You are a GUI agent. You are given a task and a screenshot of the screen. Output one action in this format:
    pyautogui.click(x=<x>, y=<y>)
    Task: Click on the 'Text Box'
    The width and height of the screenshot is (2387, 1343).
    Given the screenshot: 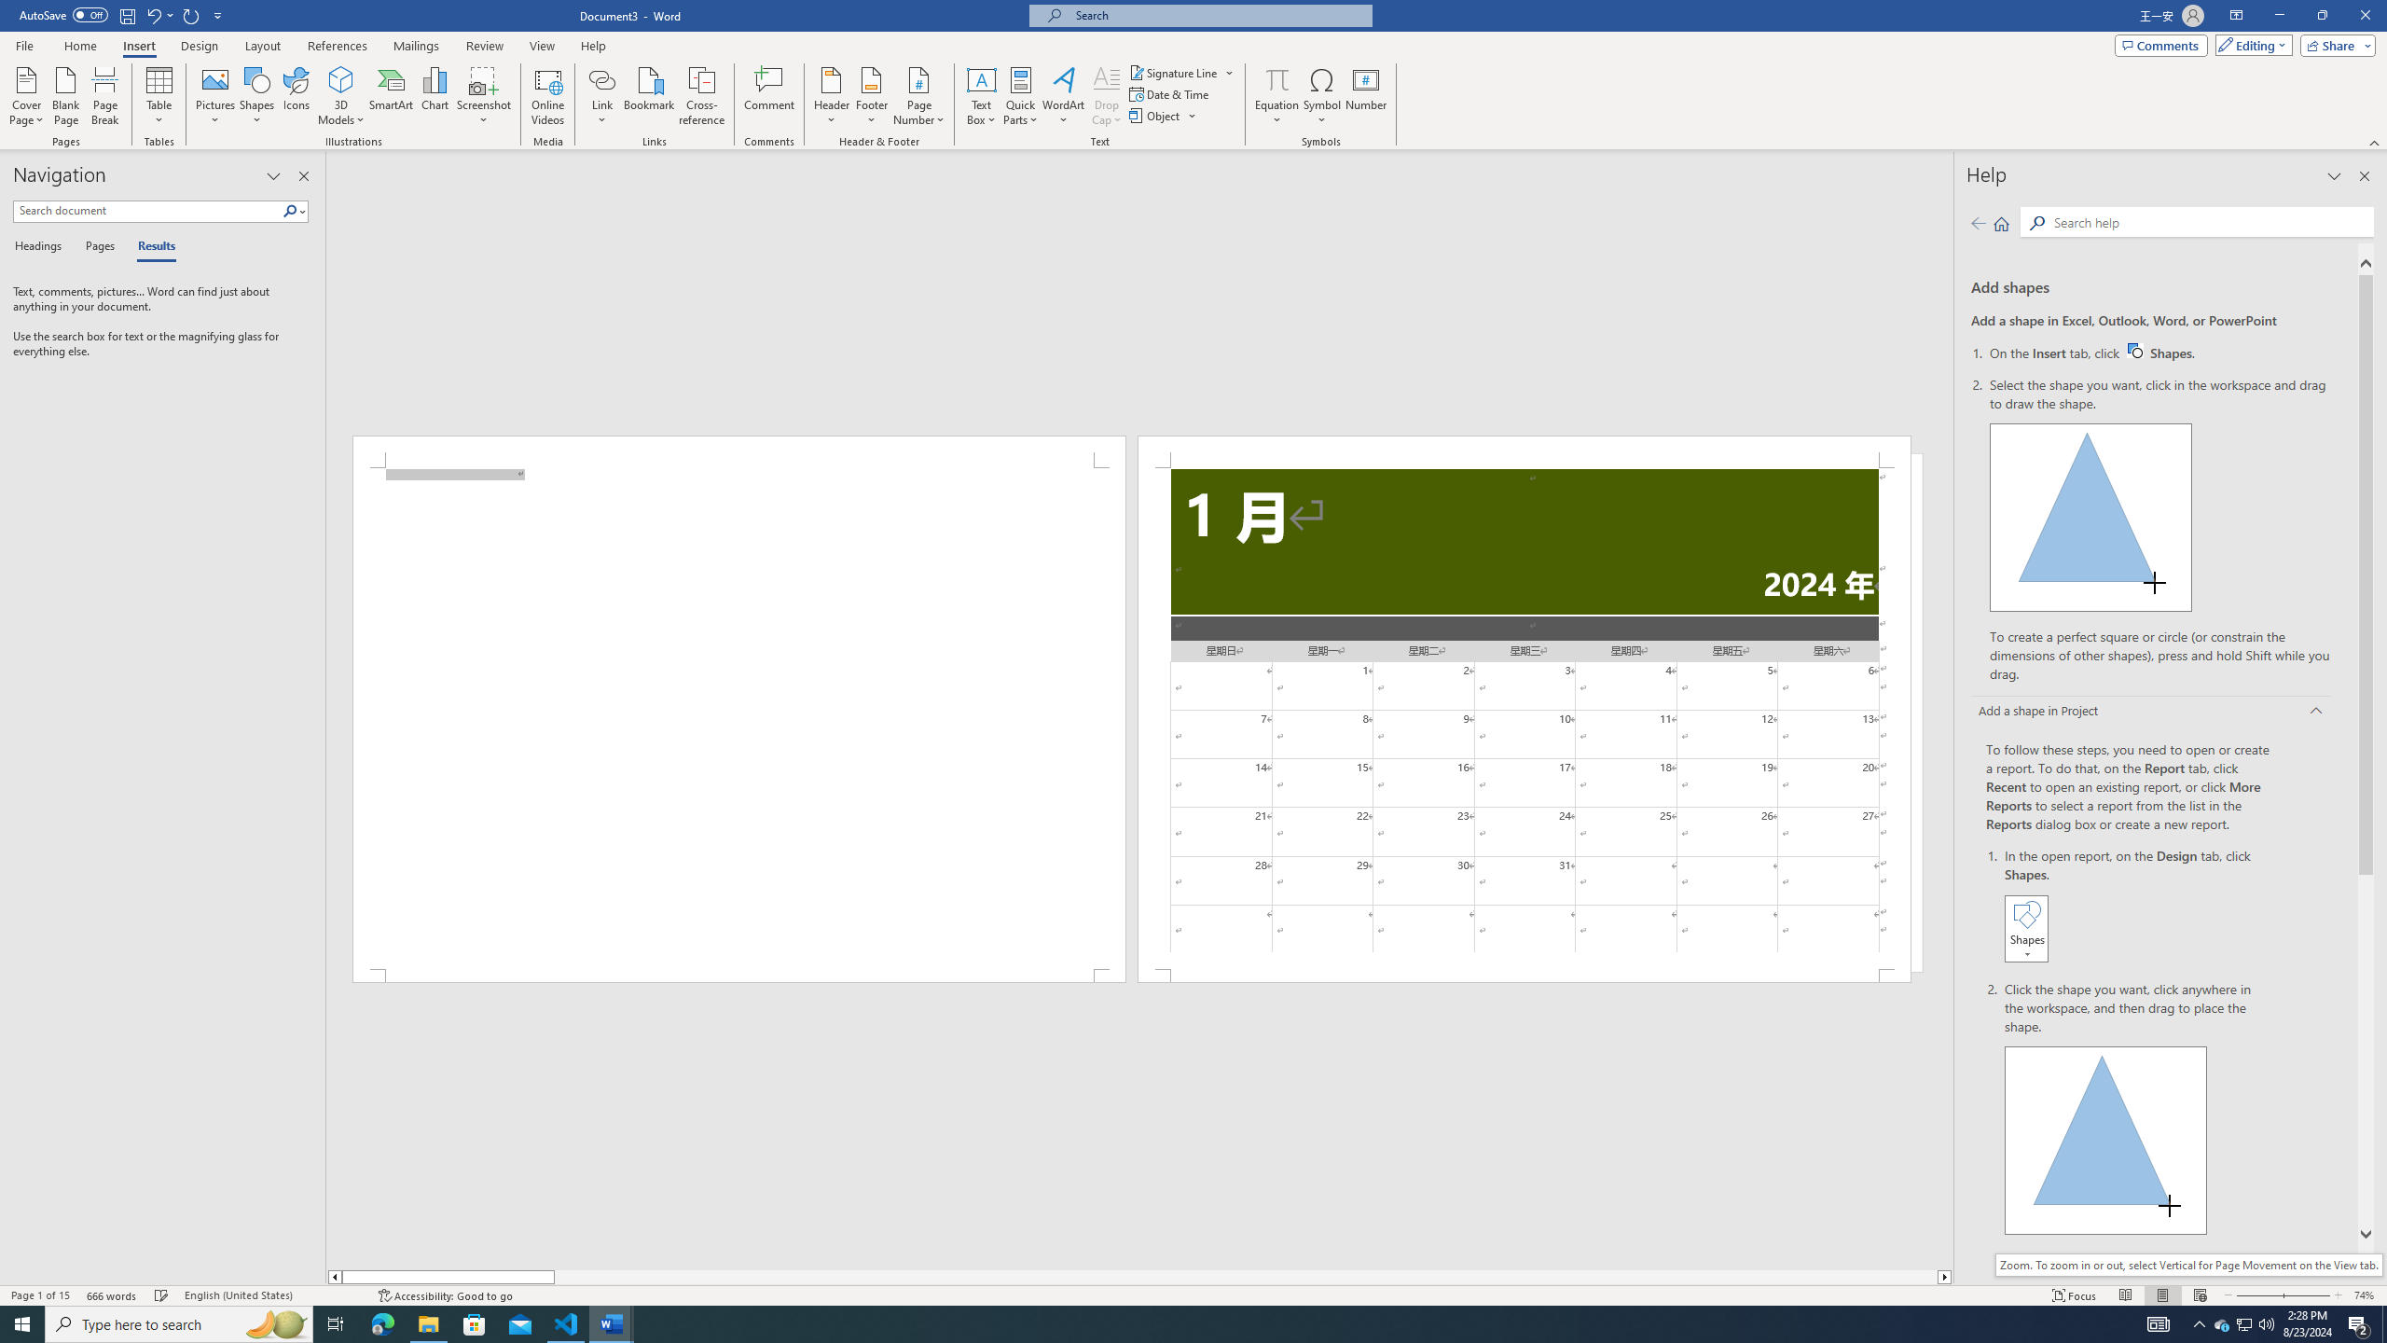 What is the action you would take?
    pyautogui.click(x=981, y=96)
    